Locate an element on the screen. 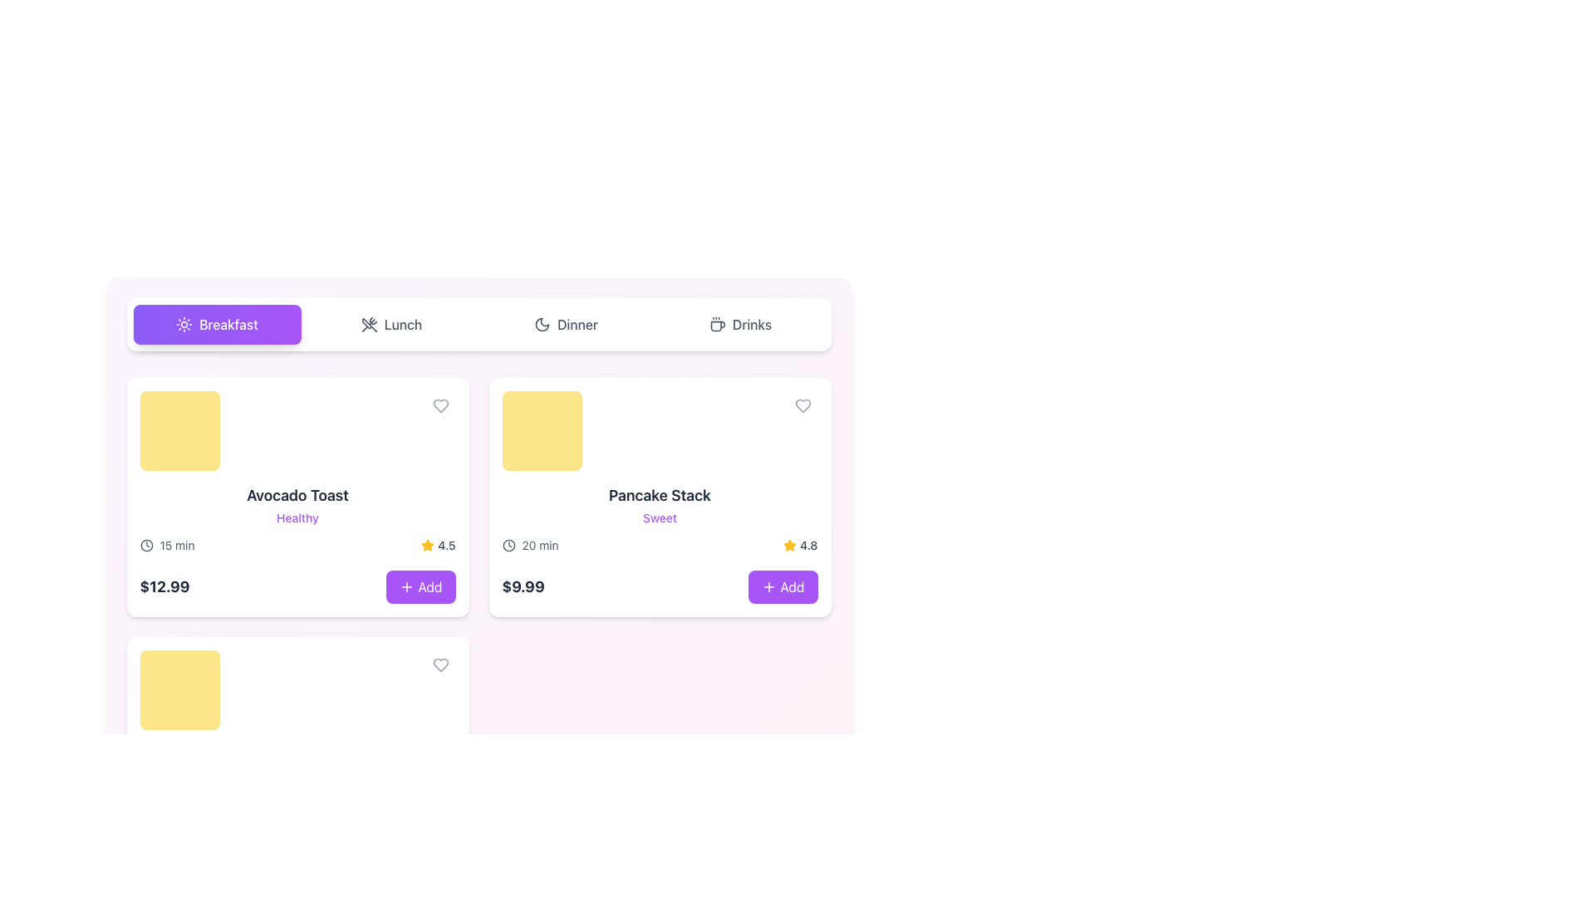 The height and width of the screenshot is (897, 1595). the individual buttons on the navigation bar for selecting meal options such as 'Breakfast', 'Lunch', 'Dinner', and 'Drinks' is located at coordinates (478, 324).